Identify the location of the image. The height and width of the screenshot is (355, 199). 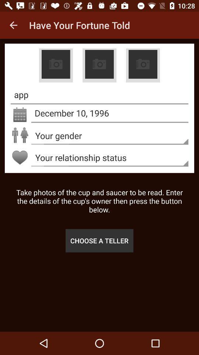
(55, 65).